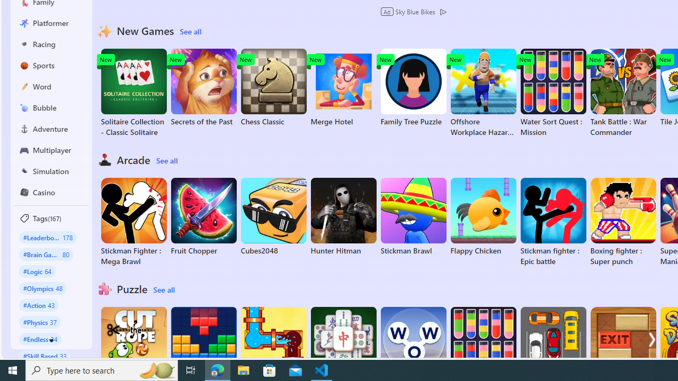 This screenshot has width=678, height=381. Describe the element at coordinates (133, 222) in the screenshot. I see `'Stickman Fighter : Mega Brawl'` at that location.